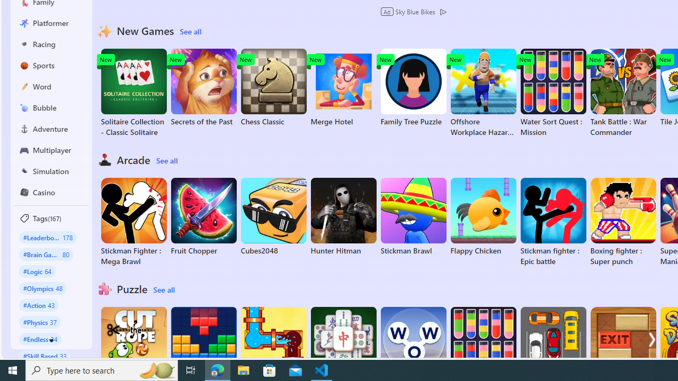 This screenshot has width=678, height=381. Describe the element at coordinates (133, 222) in the screenshot. I see `'Stickman Fighter : Mega Brawl'` at that location.